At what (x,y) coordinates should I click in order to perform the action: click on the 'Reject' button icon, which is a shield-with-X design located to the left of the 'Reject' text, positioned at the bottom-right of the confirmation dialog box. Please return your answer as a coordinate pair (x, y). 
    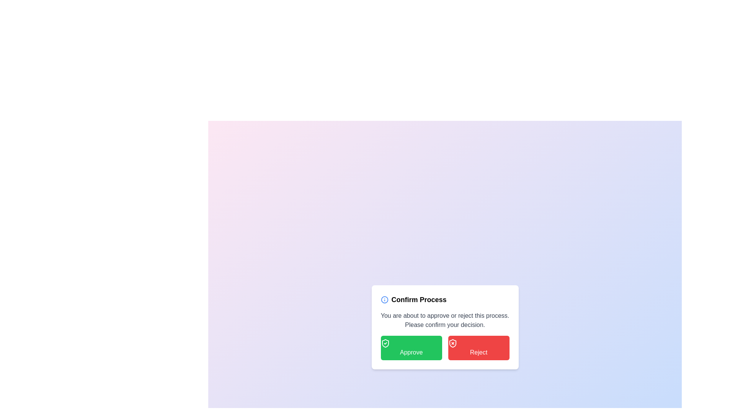
    Looking at the image, I should click on (452, 343).